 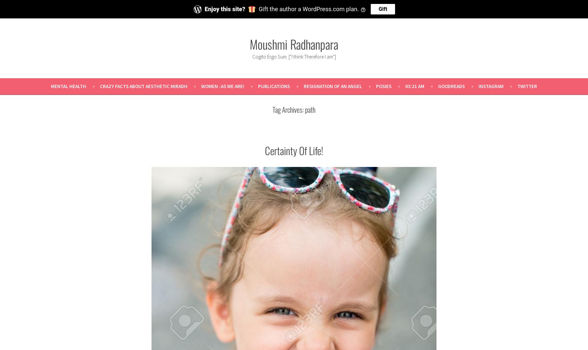 I want to click on 'Gift', so click(x=382, y=8).